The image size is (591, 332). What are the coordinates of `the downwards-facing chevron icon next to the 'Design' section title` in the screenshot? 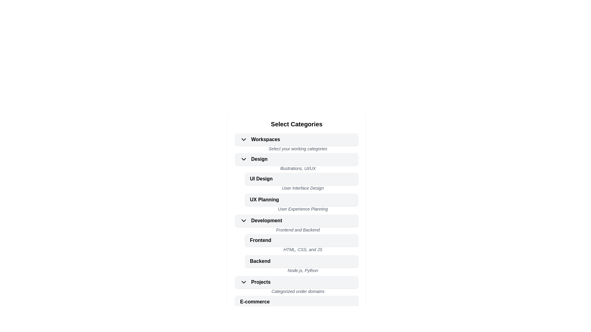 It's located at (243, 159).